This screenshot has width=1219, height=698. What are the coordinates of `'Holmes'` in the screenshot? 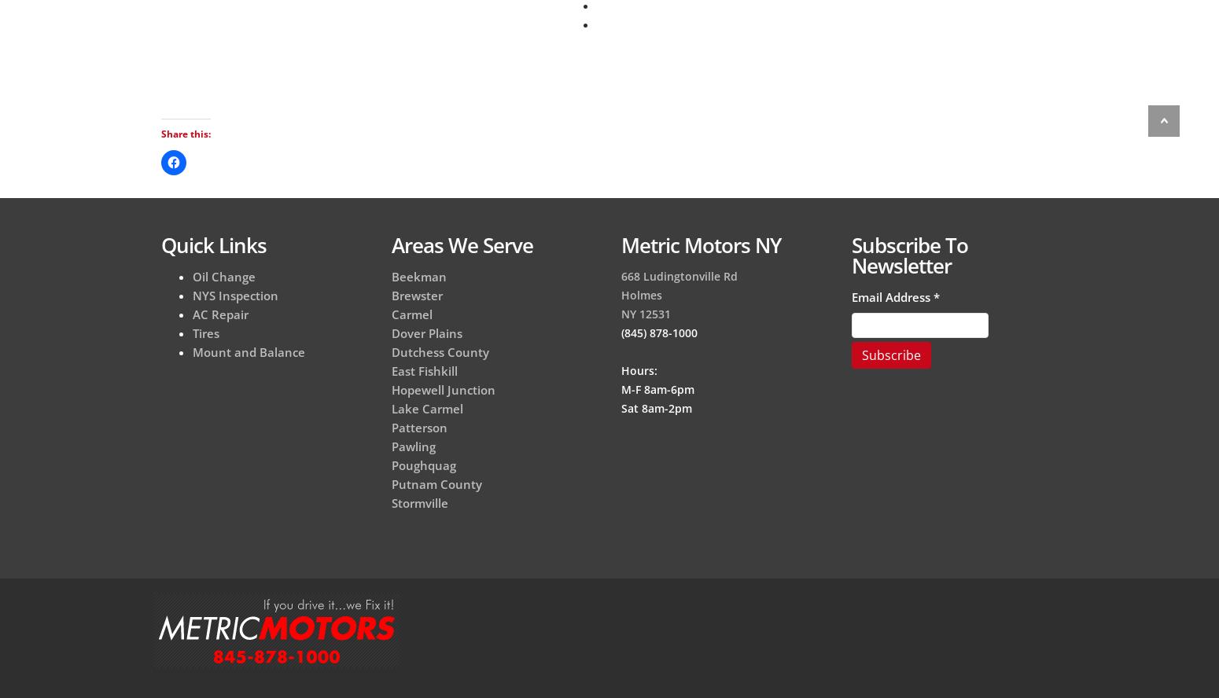 It's located at (621, 294).